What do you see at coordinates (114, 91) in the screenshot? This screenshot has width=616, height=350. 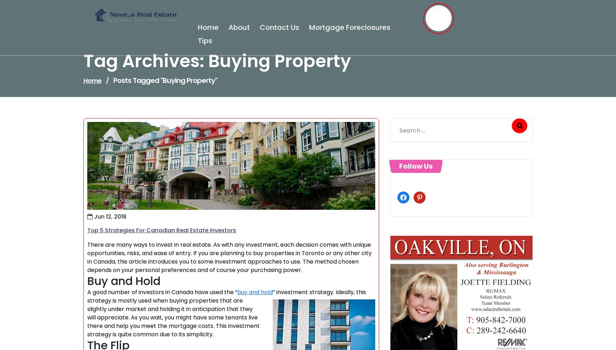 I see `'Financing'` at bounding box center [114, 91].